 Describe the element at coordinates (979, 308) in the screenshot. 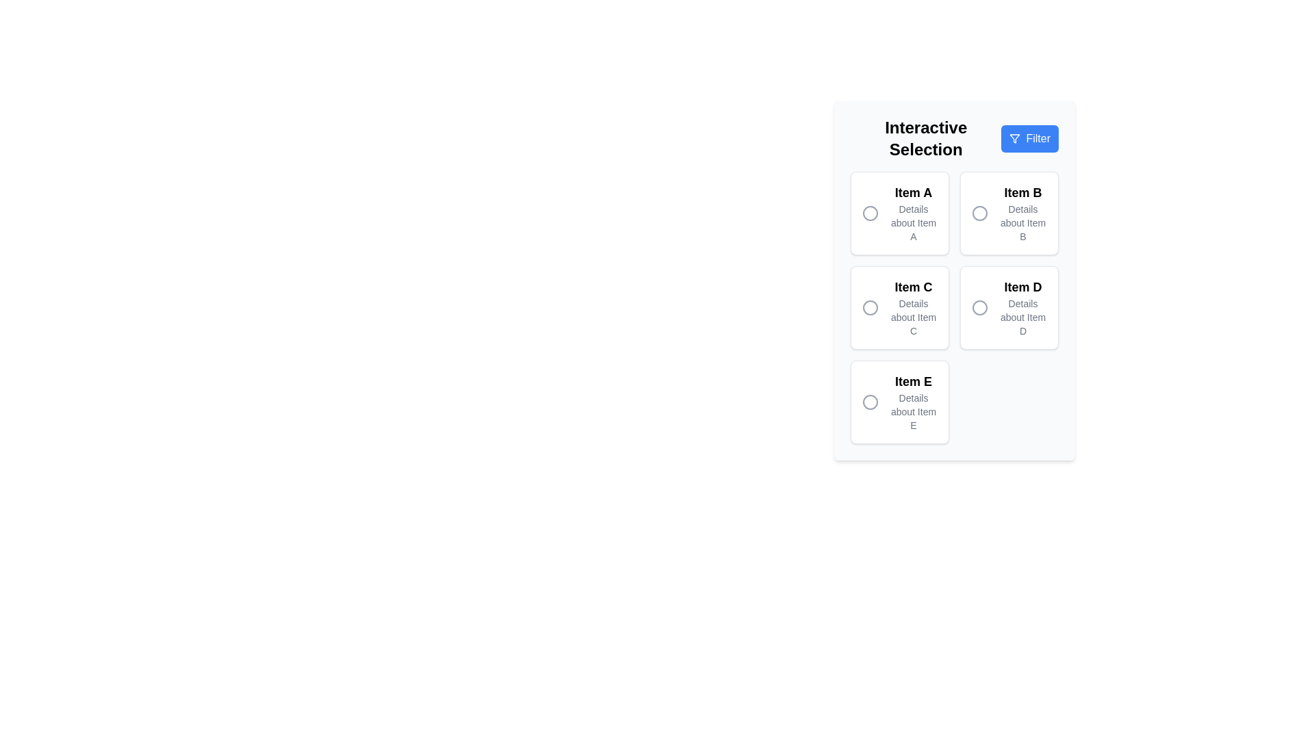

I see `the circular radio button located in the top-left corner of the card labeled 'Item D'` at that location.